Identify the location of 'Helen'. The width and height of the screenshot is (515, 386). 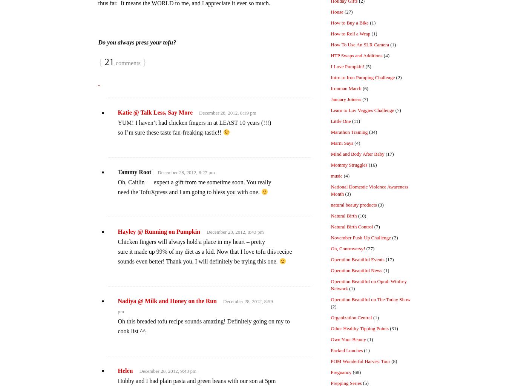
(125, 370).